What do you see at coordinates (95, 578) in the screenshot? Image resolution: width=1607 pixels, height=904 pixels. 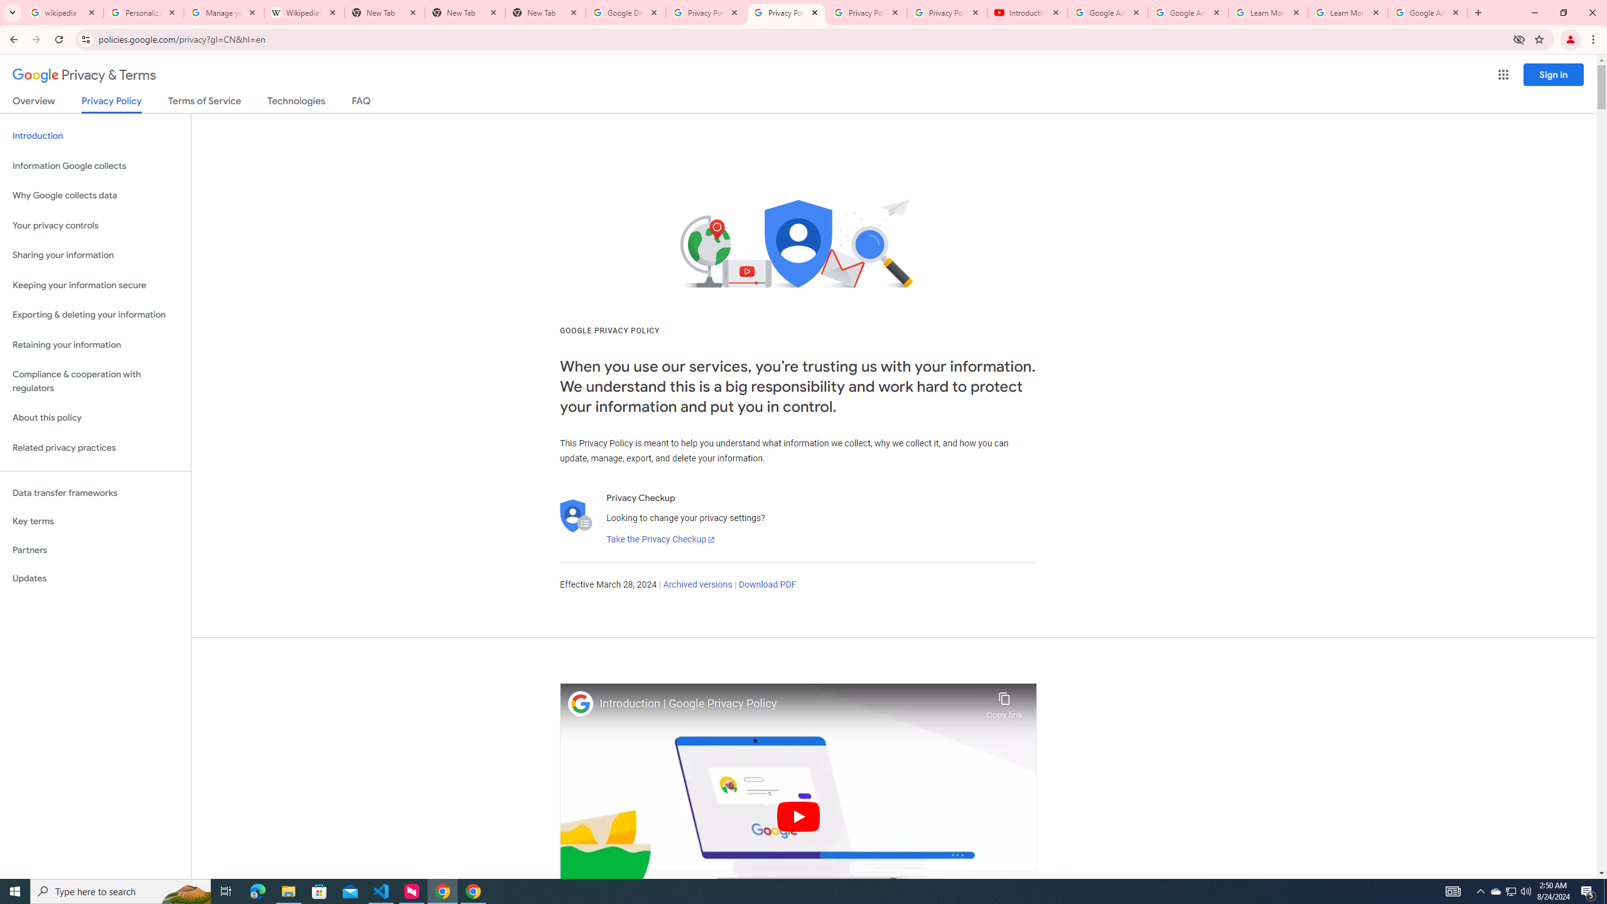 I see `'Updates'` at bounding box center [95, 578].